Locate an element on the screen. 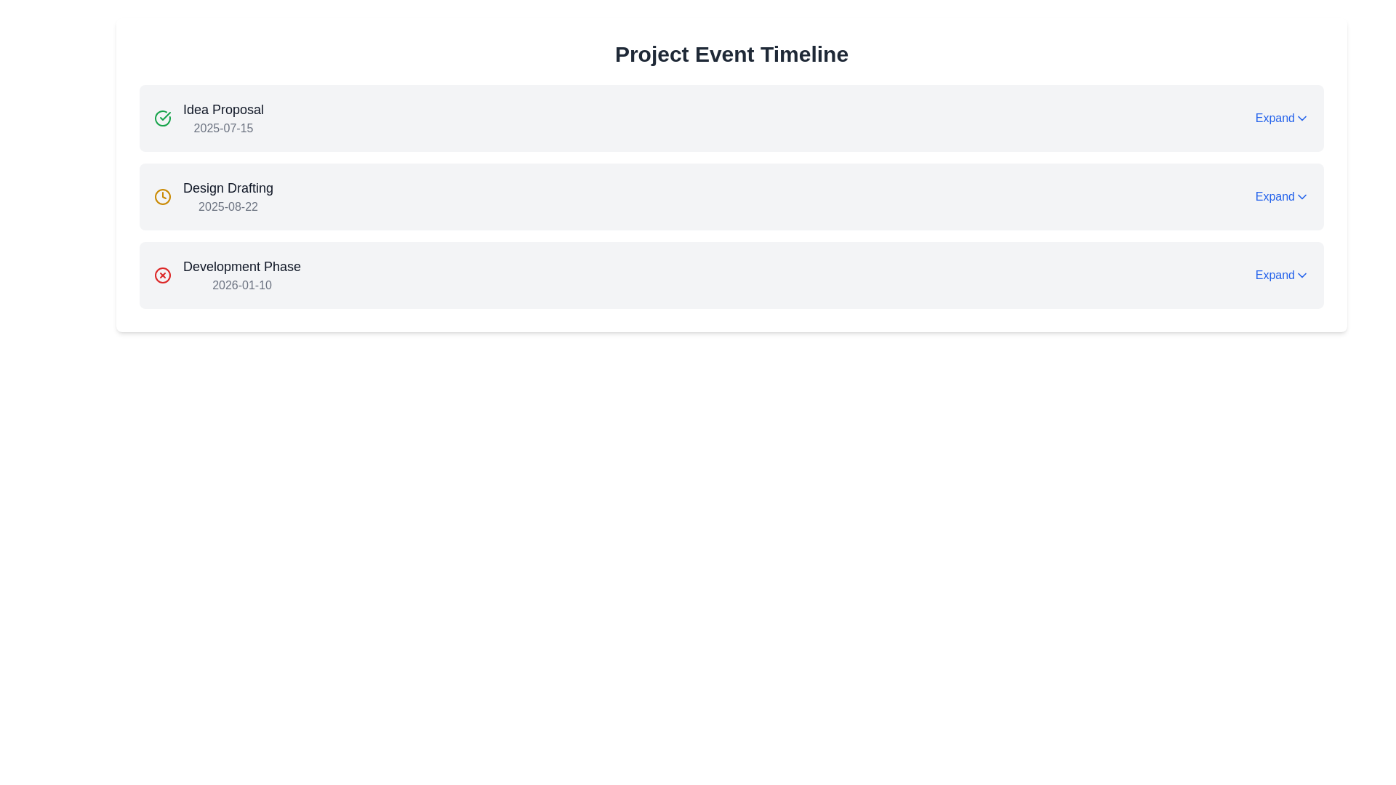 The image size is (1396, 785). the title of the second entry in the 'Project Event Timeline' list, which is located between 'Idea Proposal' and 'Development Phase', and is accompanied by the date '2025-08-22' is located at coordinates (228, 187).